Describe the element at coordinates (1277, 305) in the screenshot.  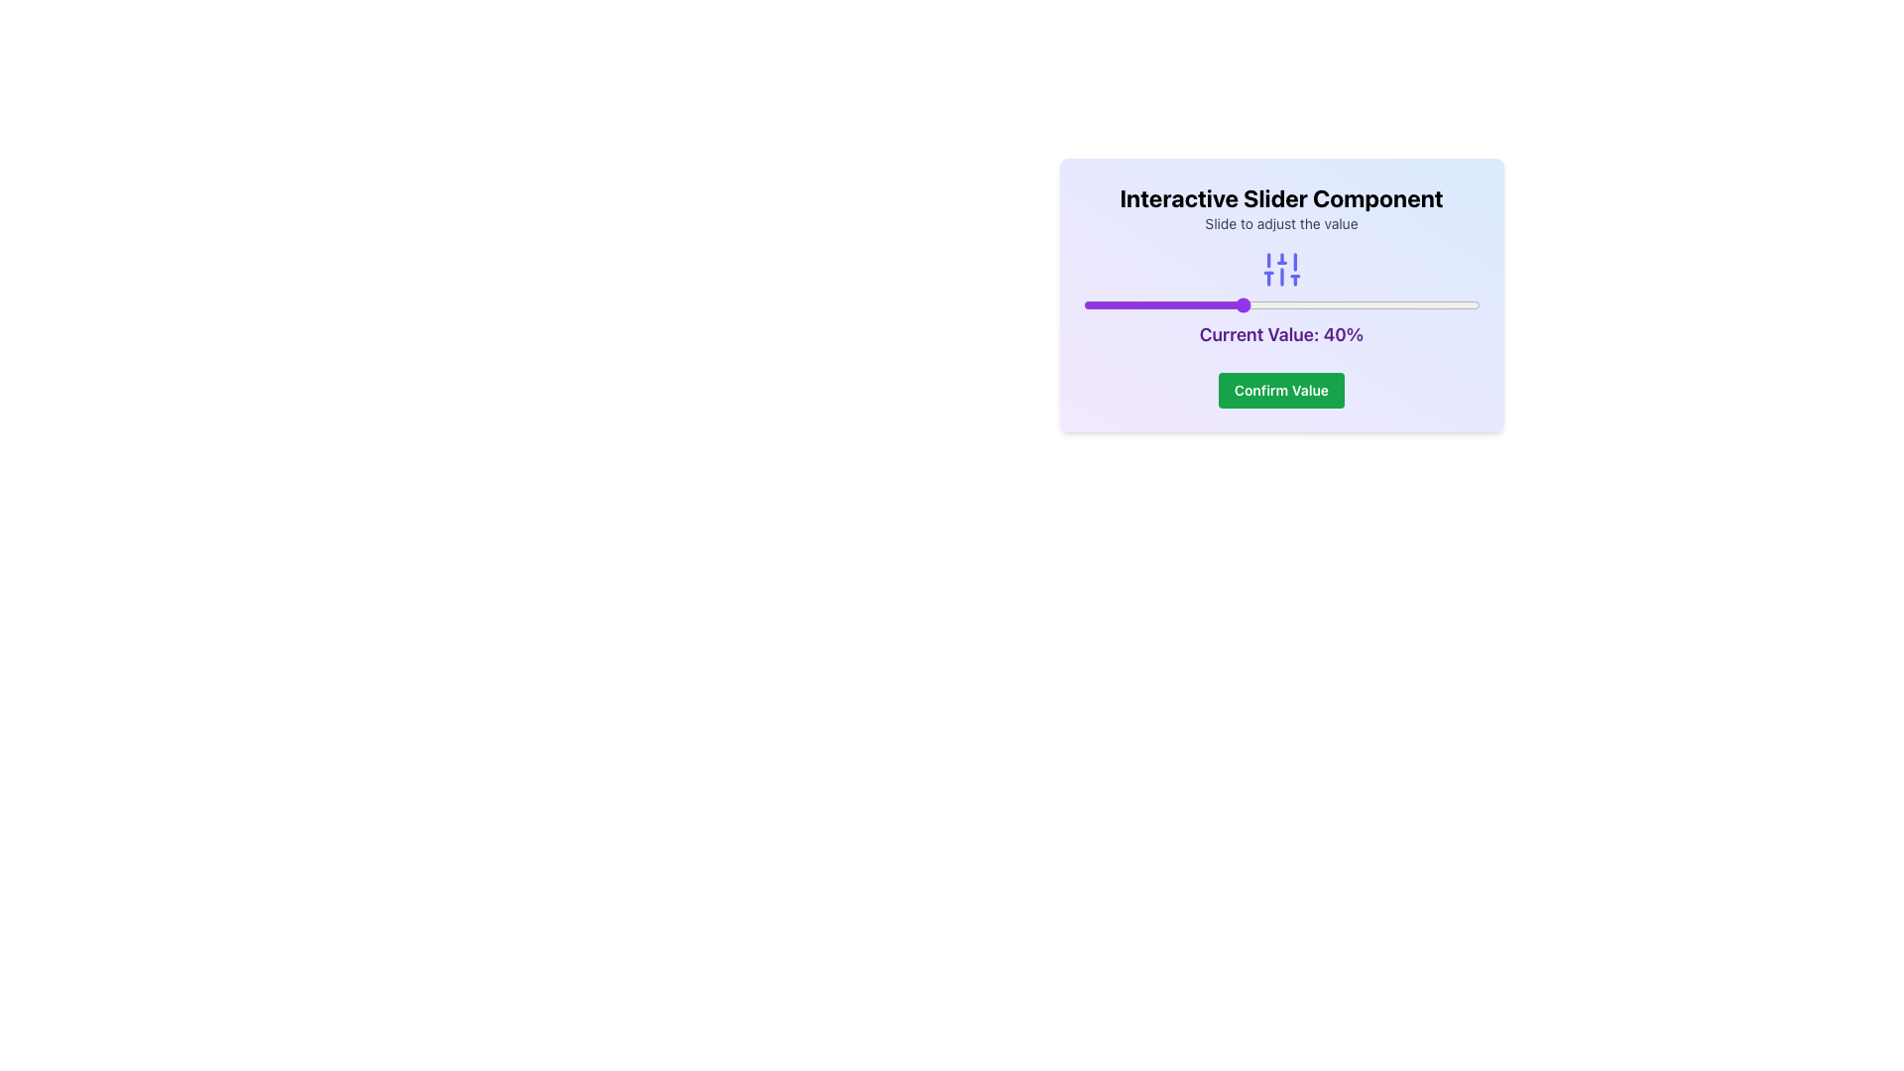
I see `the slider` at that location.